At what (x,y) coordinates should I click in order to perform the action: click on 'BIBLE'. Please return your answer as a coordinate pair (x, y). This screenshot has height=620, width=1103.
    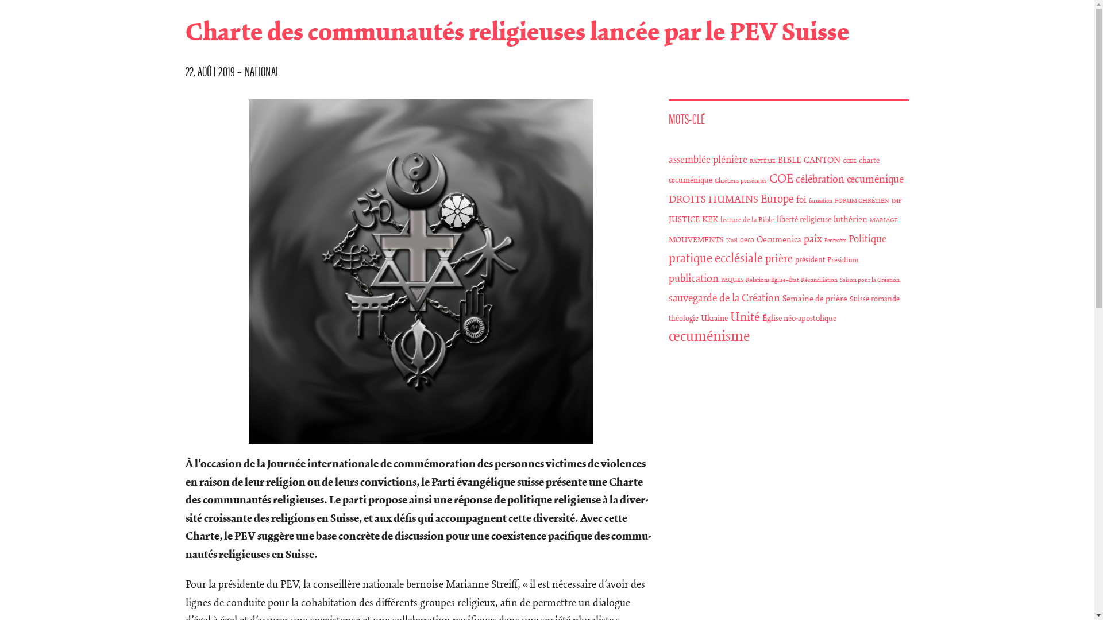
    Looking at the image, I should click on (789, 160).